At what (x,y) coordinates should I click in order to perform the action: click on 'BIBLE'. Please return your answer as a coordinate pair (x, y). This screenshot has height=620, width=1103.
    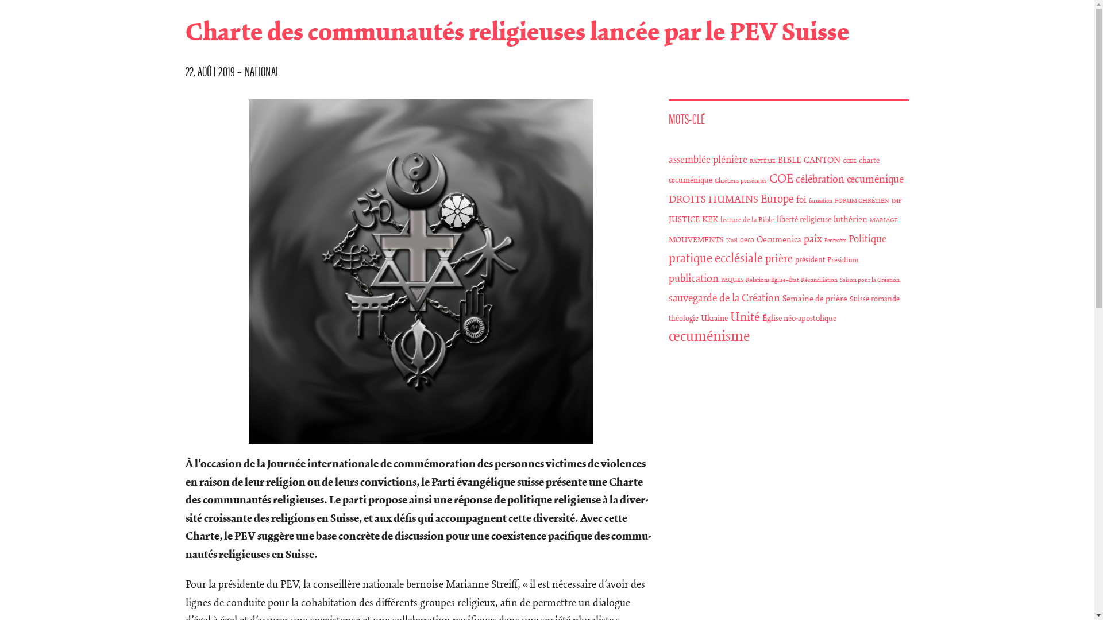
    Looking at the image, I should click on (789, 160).